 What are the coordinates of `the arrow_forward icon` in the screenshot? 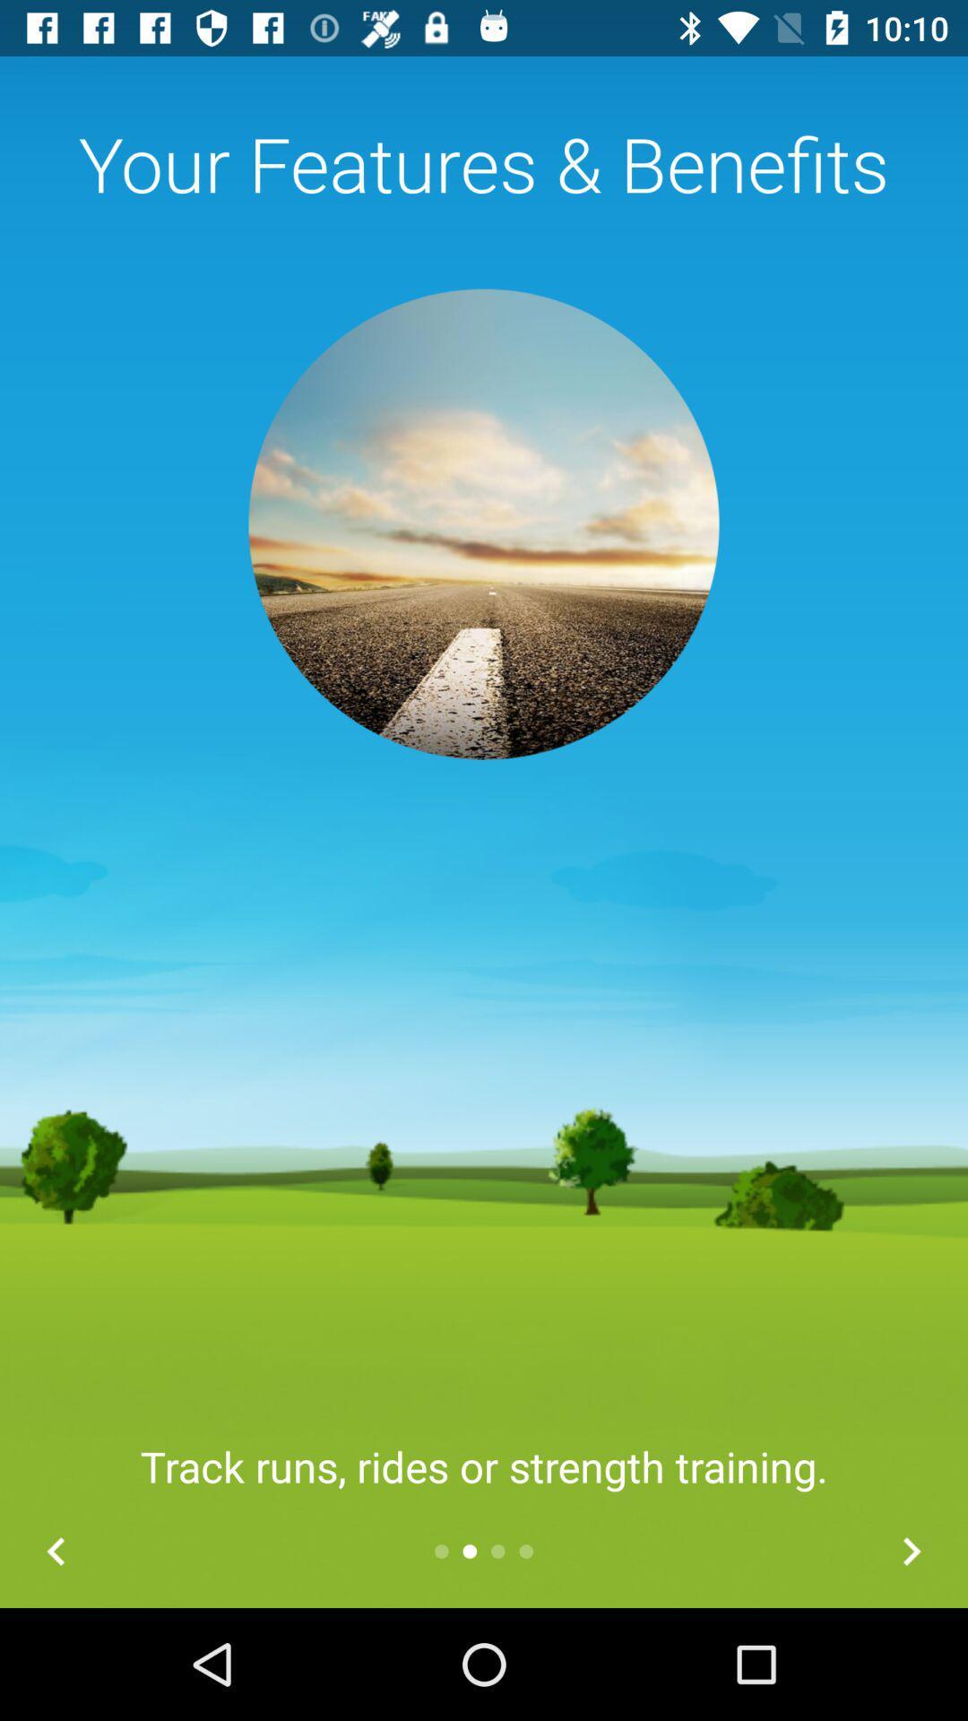 It's located at (912, 1551).